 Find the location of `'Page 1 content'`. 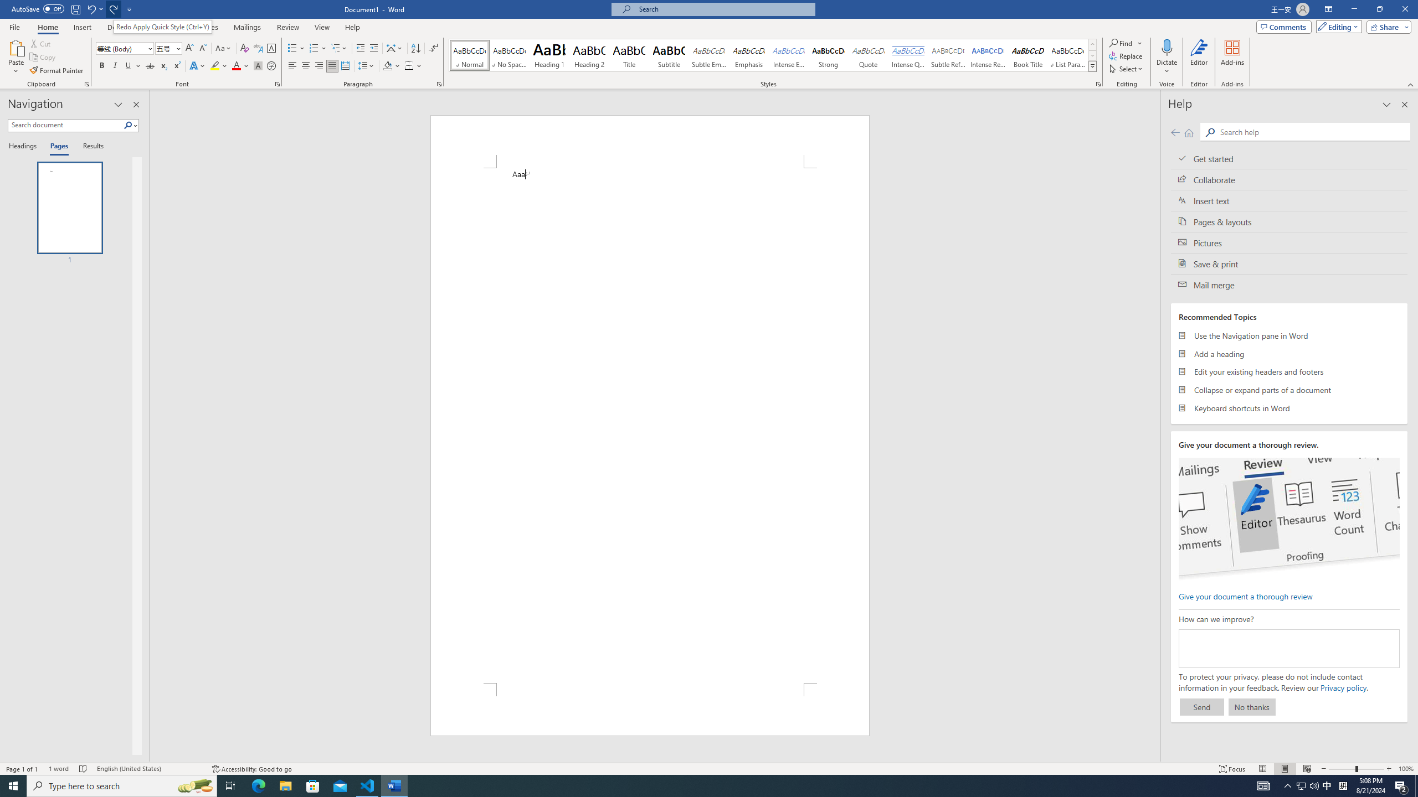

'Page 1 content' is located at coordinates (650, 425).